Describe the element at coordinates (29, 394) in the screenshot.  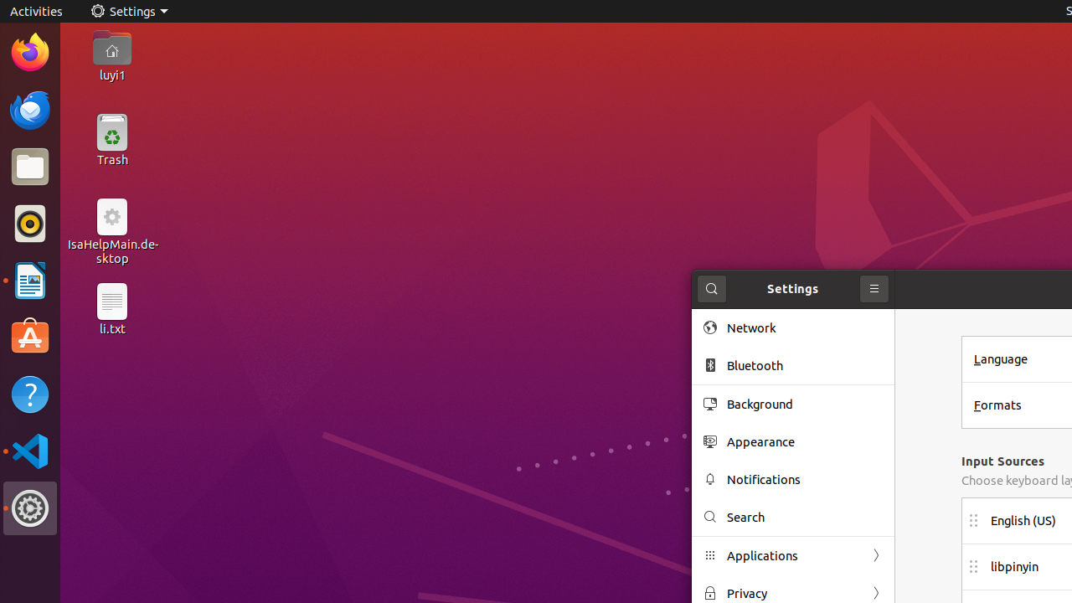
I see `'Help'` at that location.